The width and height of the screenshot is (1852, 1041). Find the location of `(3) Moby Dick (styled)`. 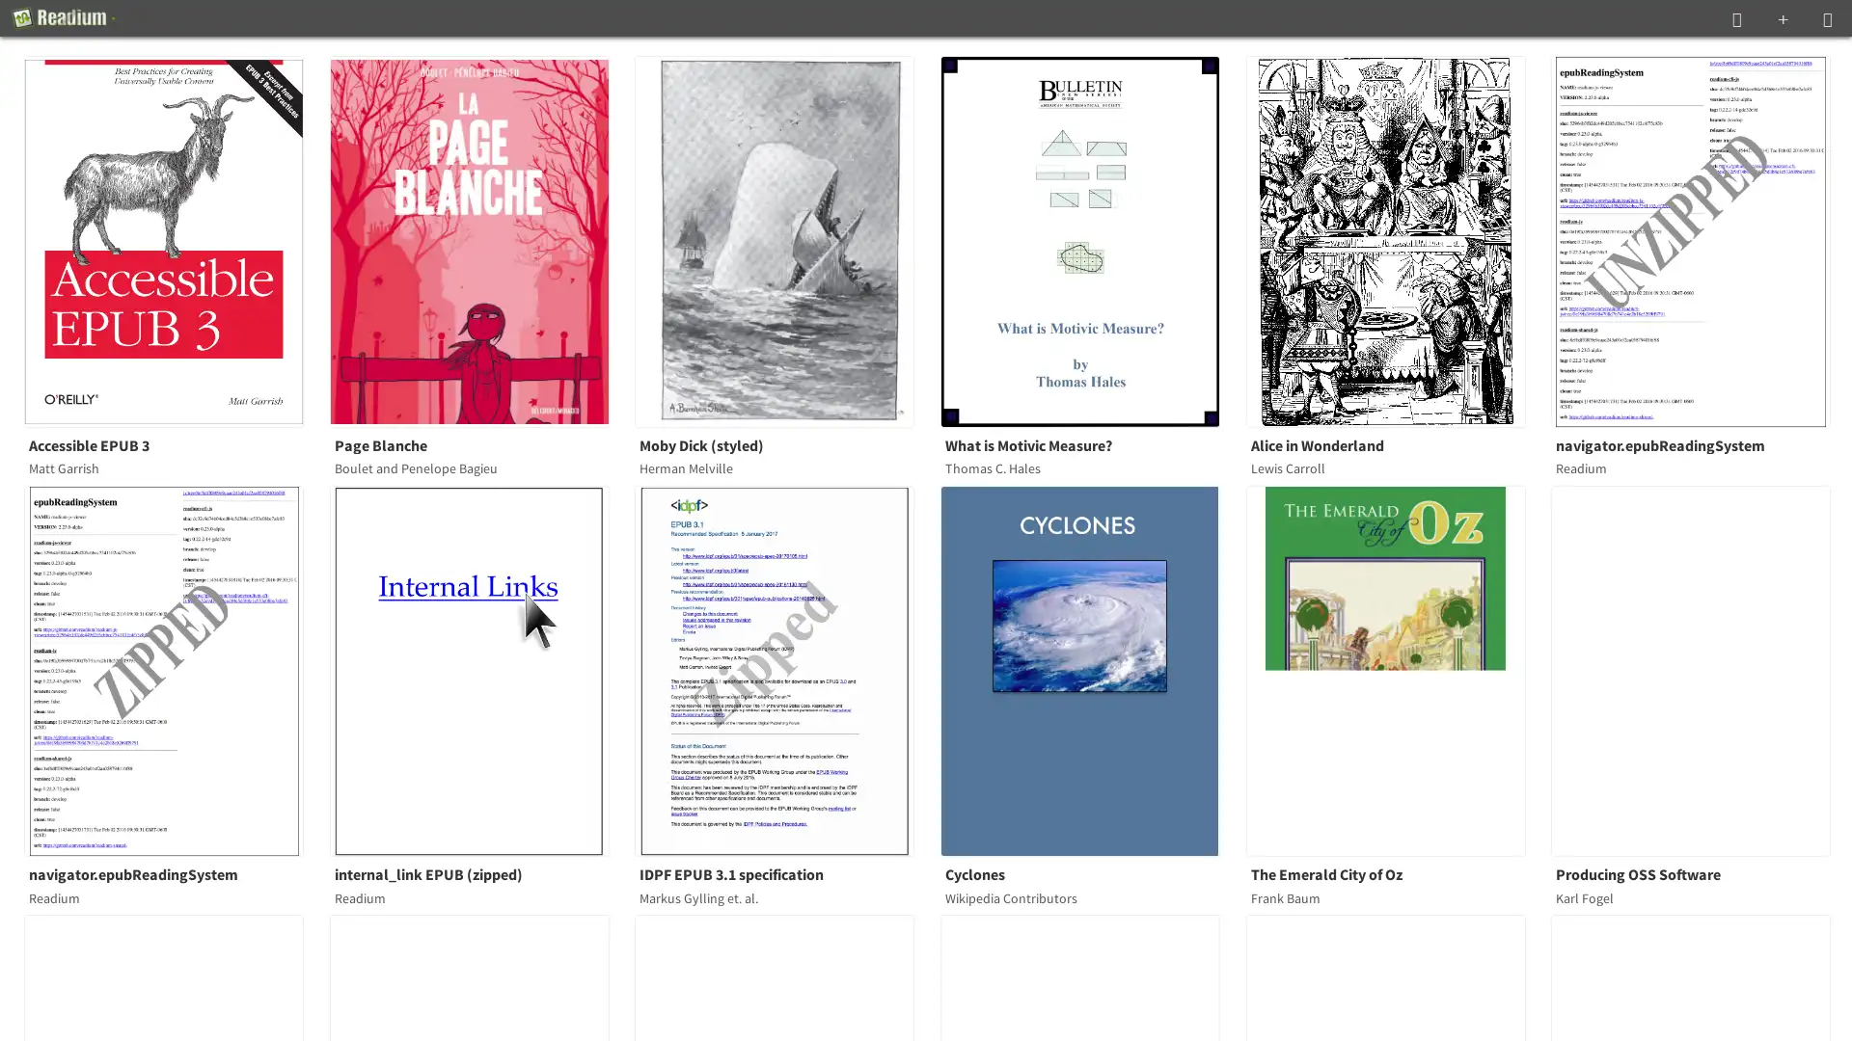

(3) Moby Dick (styled) is located at coordinates (786, 240).